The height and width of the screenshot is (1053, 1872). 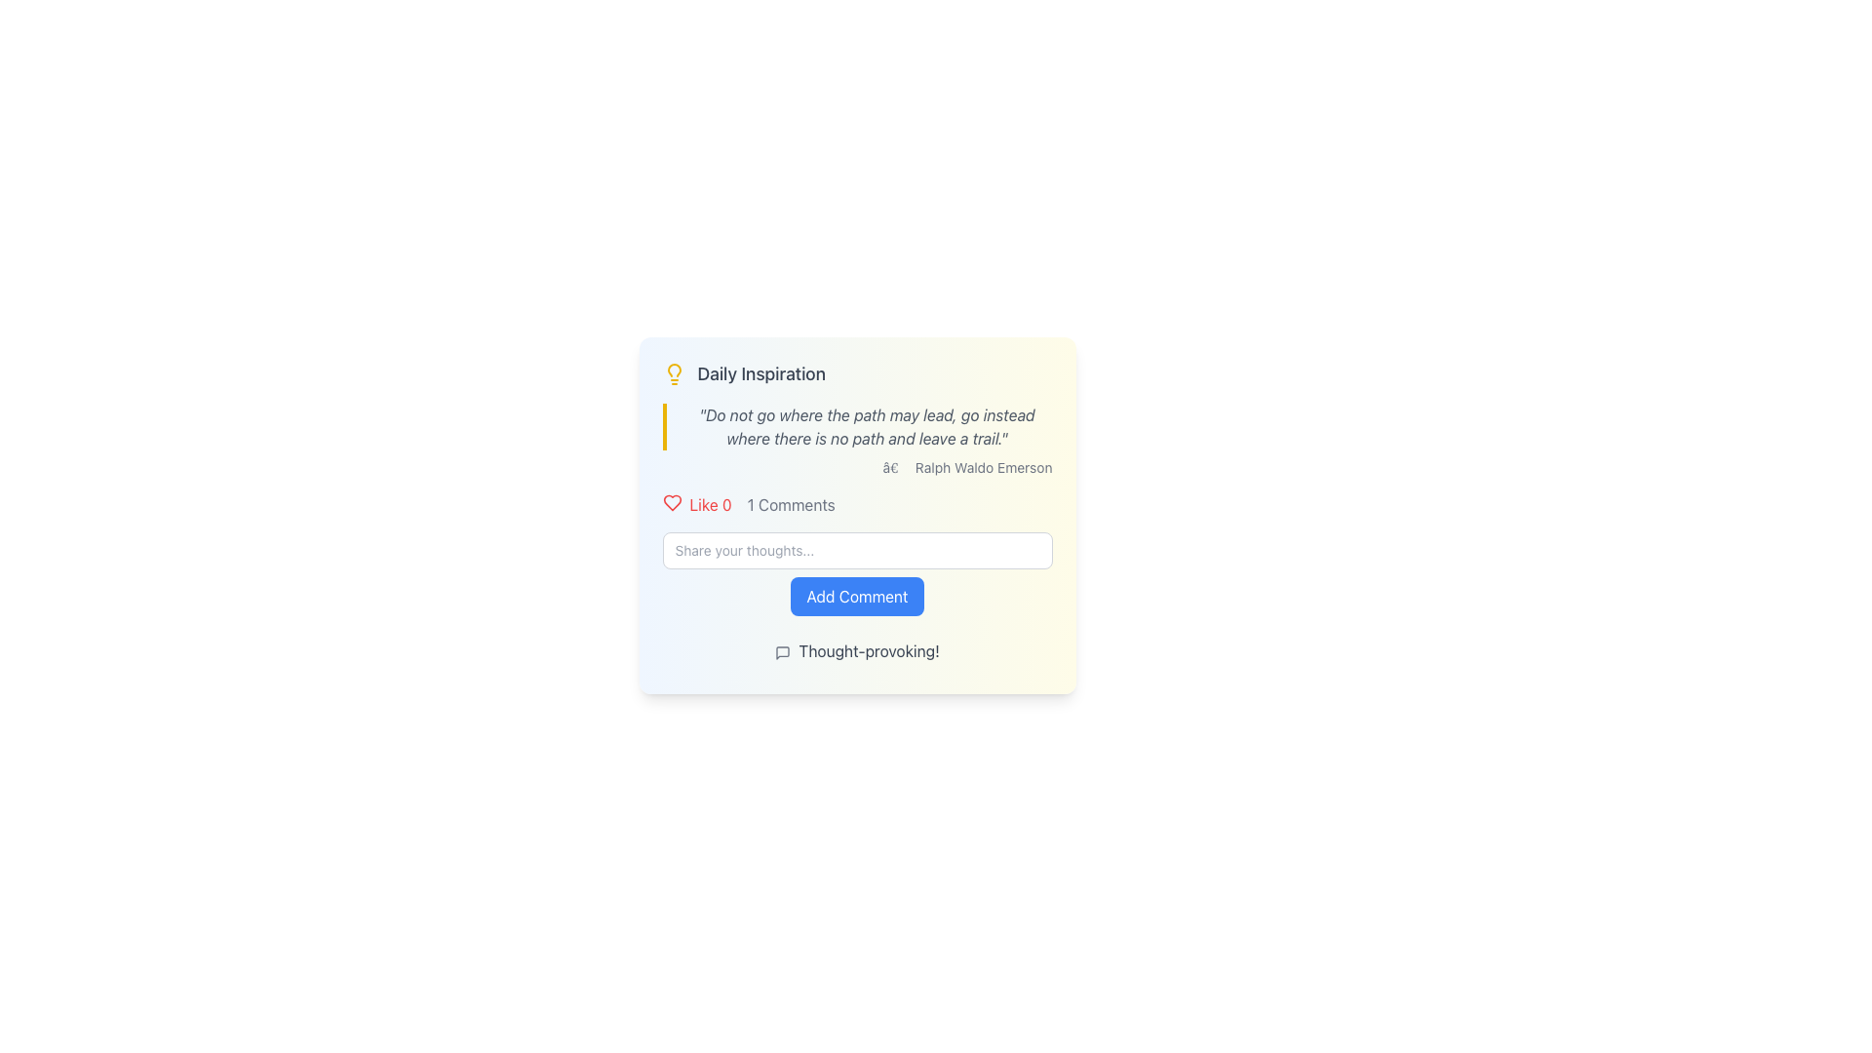 What do you see at coordinates (760, 374) in the screenshot?
I see `the text label that reads 'Daily Inspiration' which is prominently displayed within a content card, following the lightbulb icon` at bounding box center [760, 374].